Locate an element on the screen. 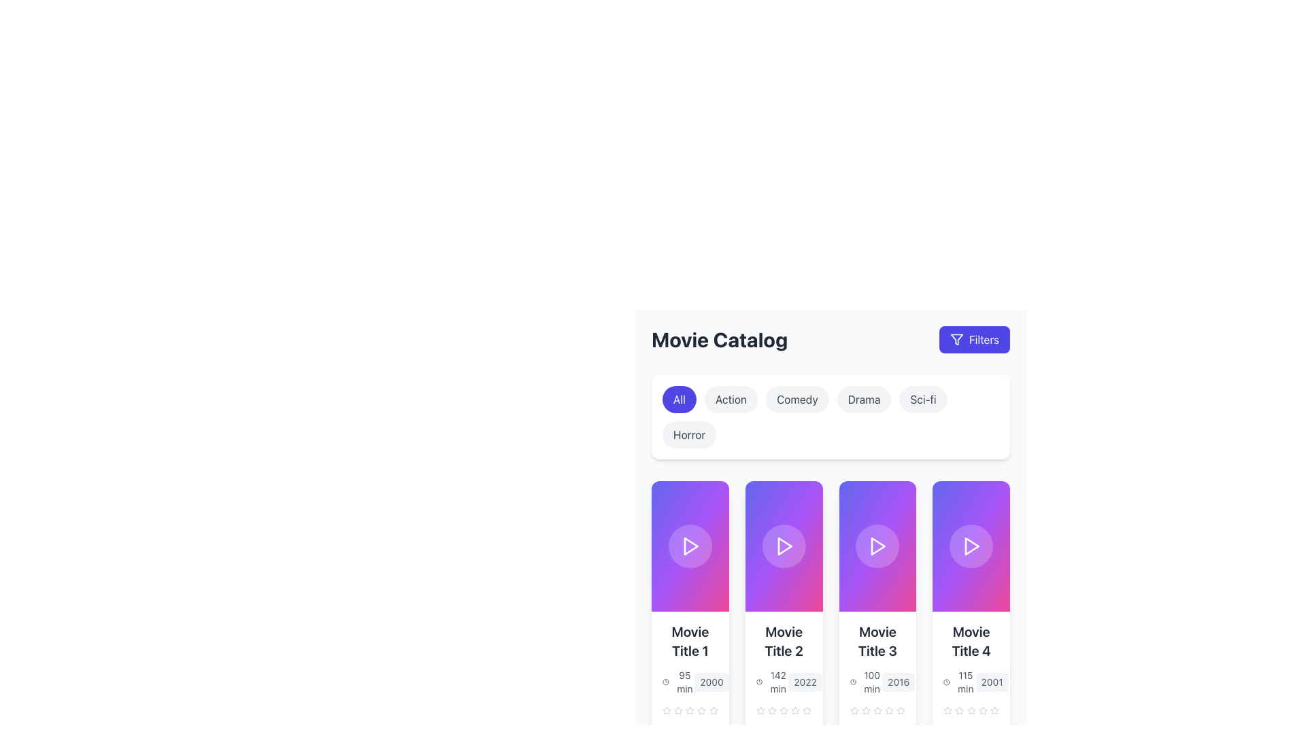  the third star icon in the rating system below 'Movie Title 3' is located at coordinates (865, 710).